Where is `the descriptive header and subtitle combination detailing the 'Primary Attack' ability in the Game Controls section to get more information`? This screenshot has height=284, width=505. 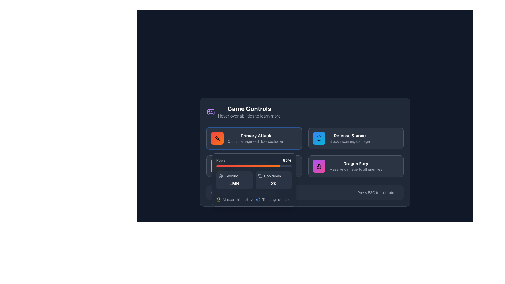
the descriptive header and subtitle combination detailing the 'Primary Attack' ability in the Game Controls section to get more information is located at coordinates (256, 138).